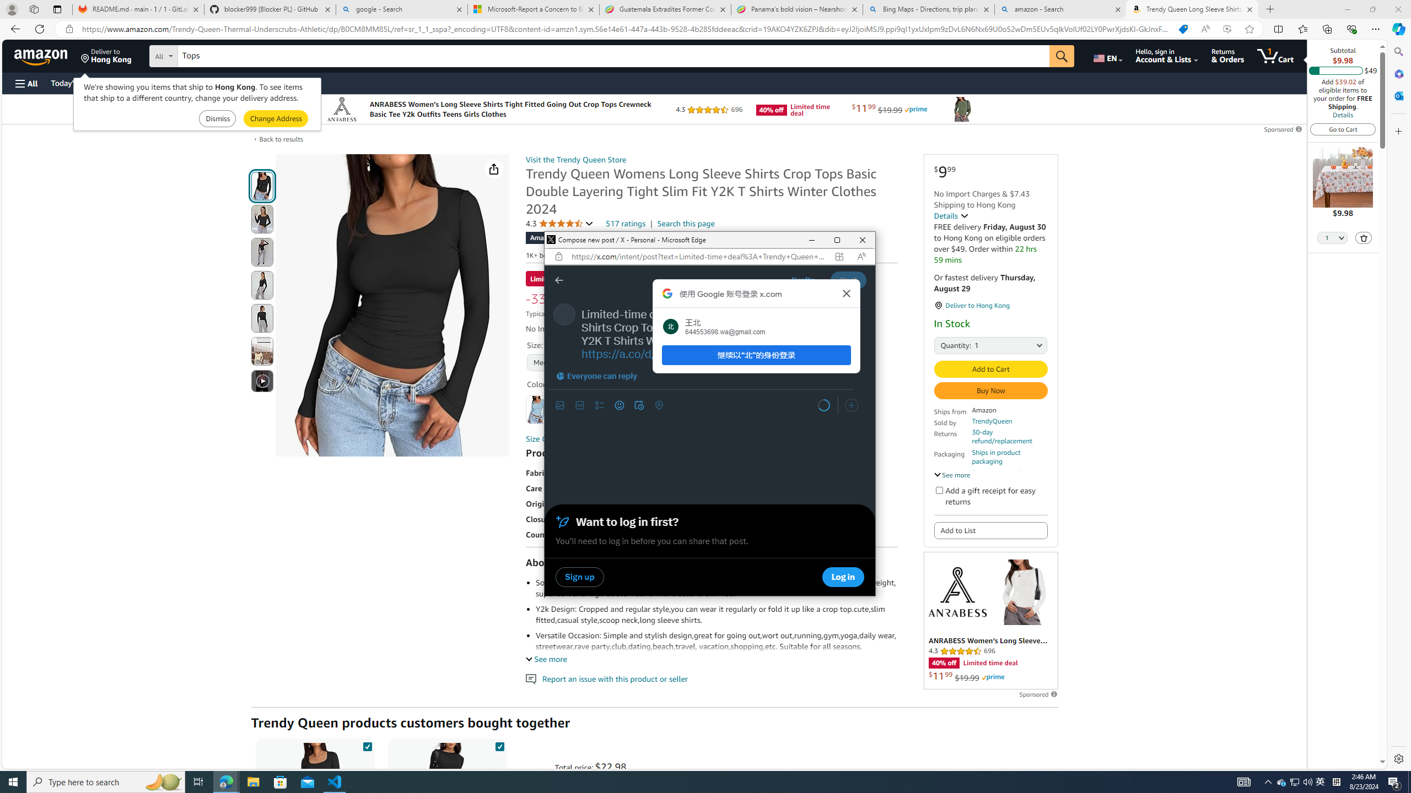 This screenshot has width=1411, height=793. What do you see at coordinates (847, 293) in the screenshot?
I see `'Class: Bz112c Bz112c-r9oPif'` at bounding box center [847, 293].